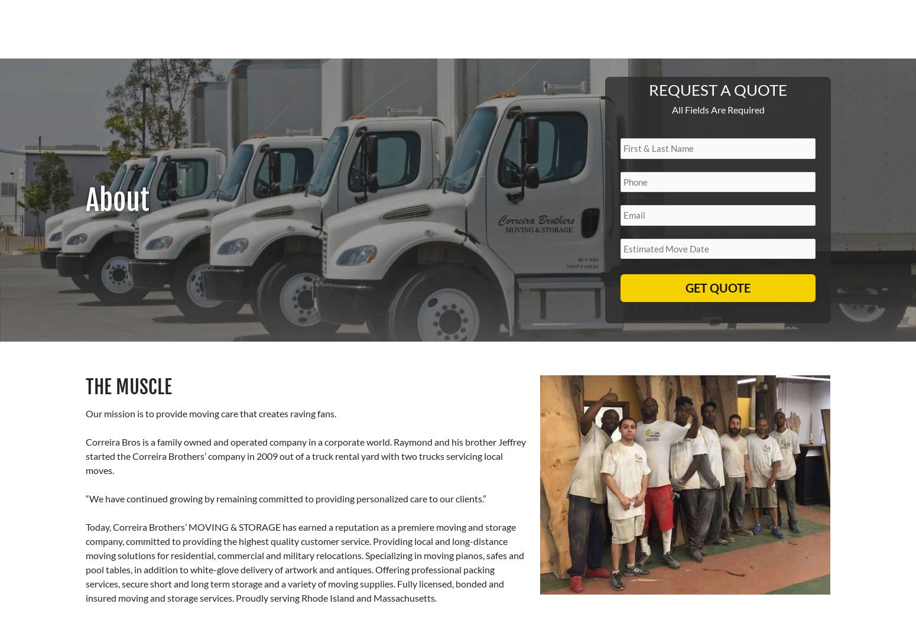 The width and height of the screenshot is (916, 633). I want to click on 'On Time Pick-Up & Delivery', so click(272, 330).